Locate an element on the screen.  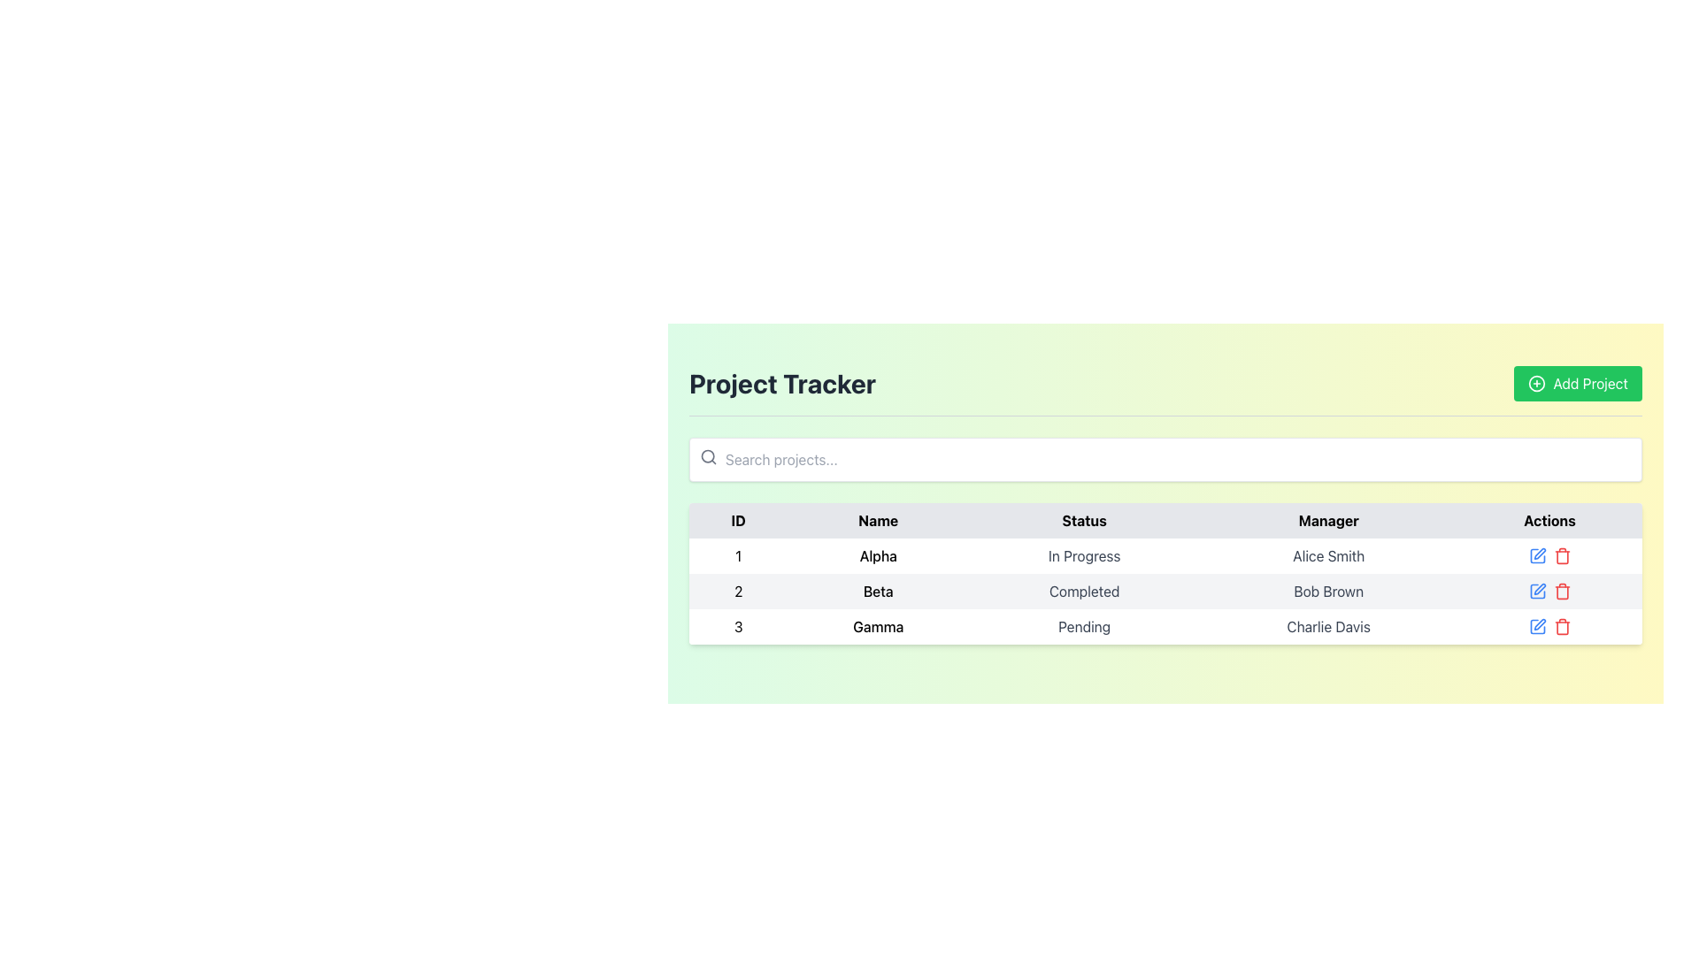
the text label in the third row of the table under the 'Name' column is located at coordinates (878, 626).